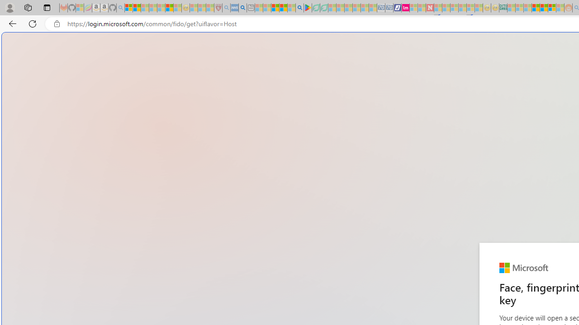 The width and height of the screenshot is (579, 325). I want to click on 'Robert H. Shmerling, MD - Harvard Health - Sleeping', so click(218, 8).